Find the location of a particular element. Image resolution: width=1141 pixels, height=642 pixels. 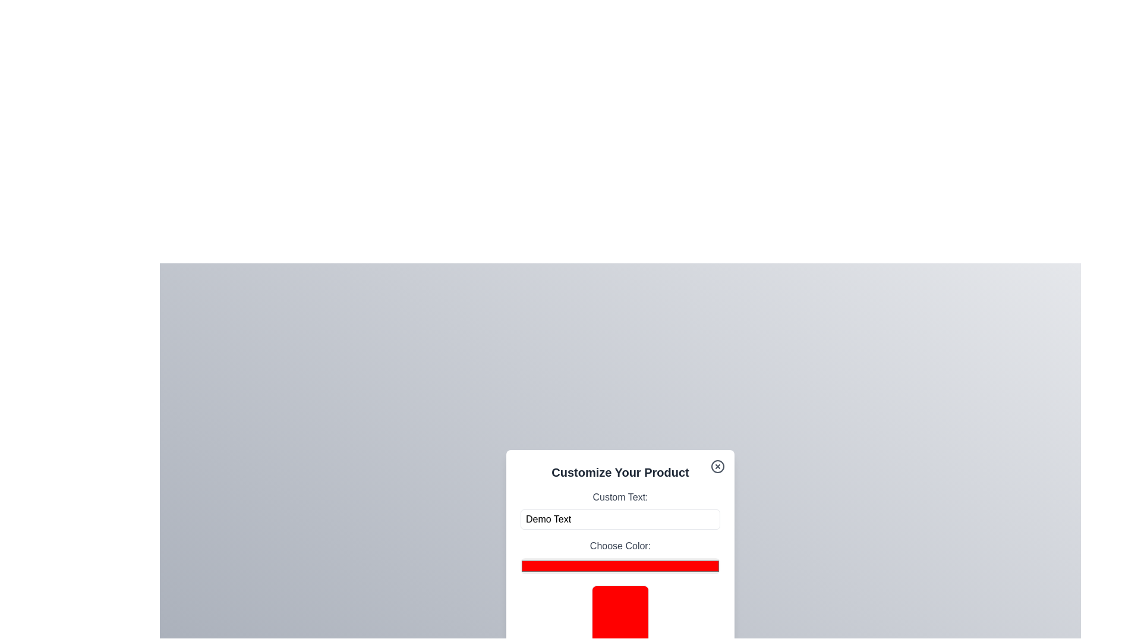

the color picker to a specific color value 12176881 is located at coordinates (619, 565).